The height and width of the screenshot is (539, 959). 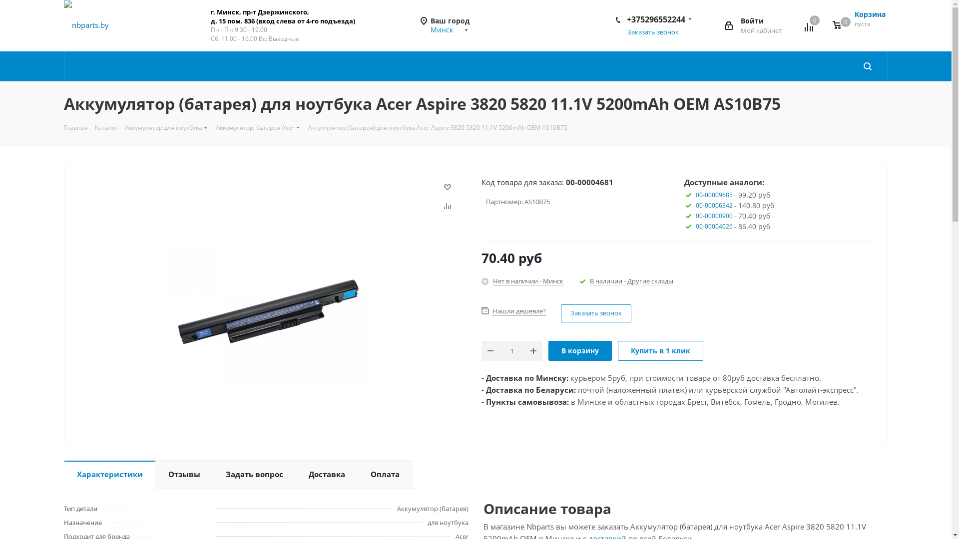 I want to click on '00-00006342', so click(x=714, y=205).